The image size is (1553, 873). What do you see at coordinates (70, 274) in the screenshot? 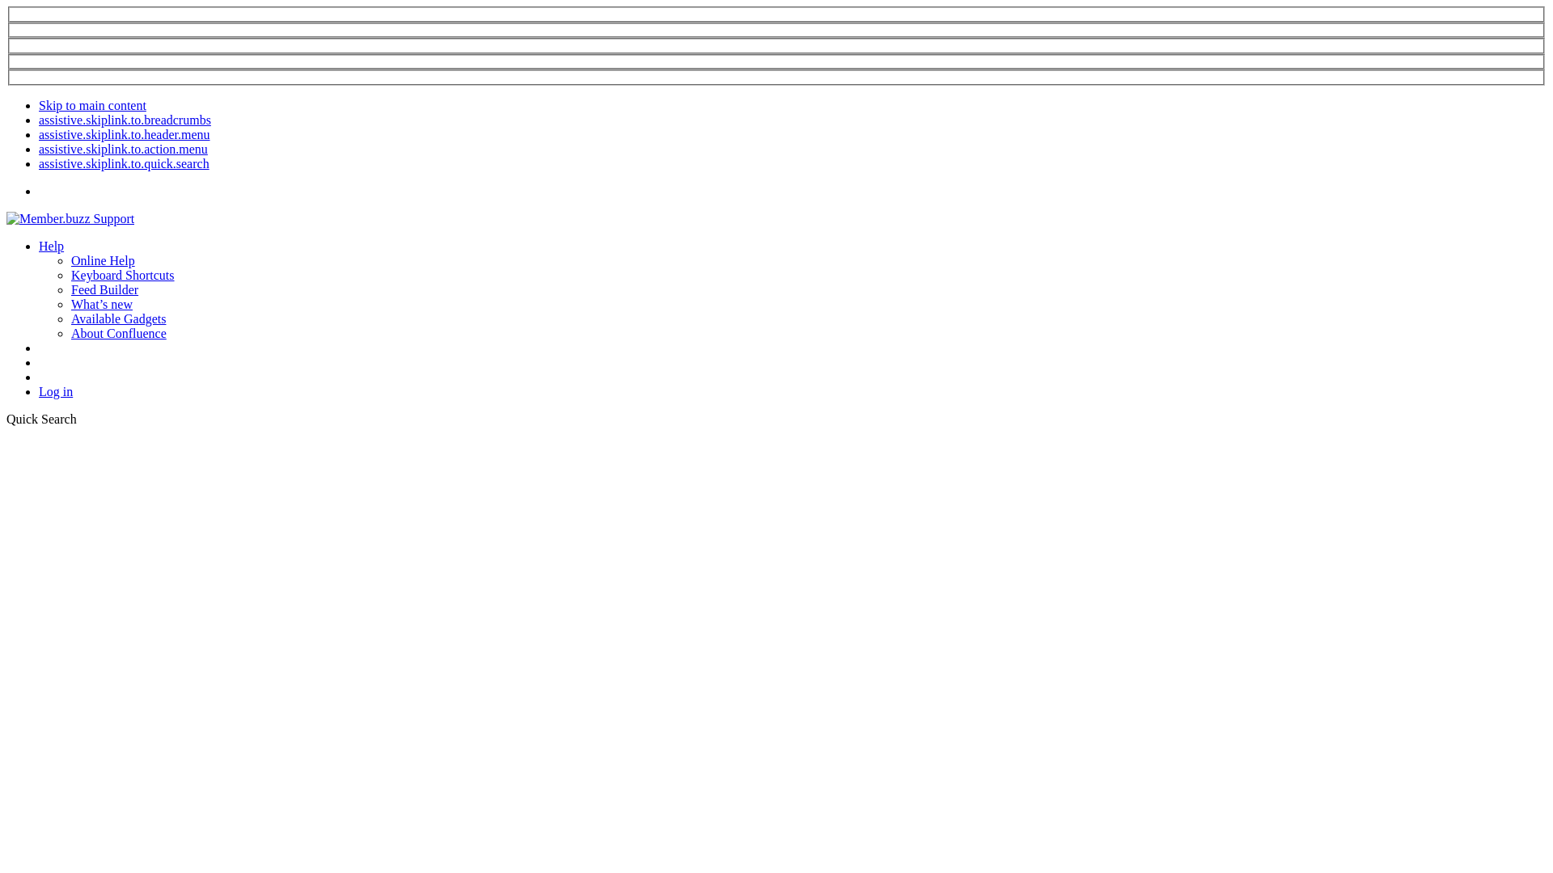
I see `'Keyboard Shortcuts'` at bounding box center [70, 274].